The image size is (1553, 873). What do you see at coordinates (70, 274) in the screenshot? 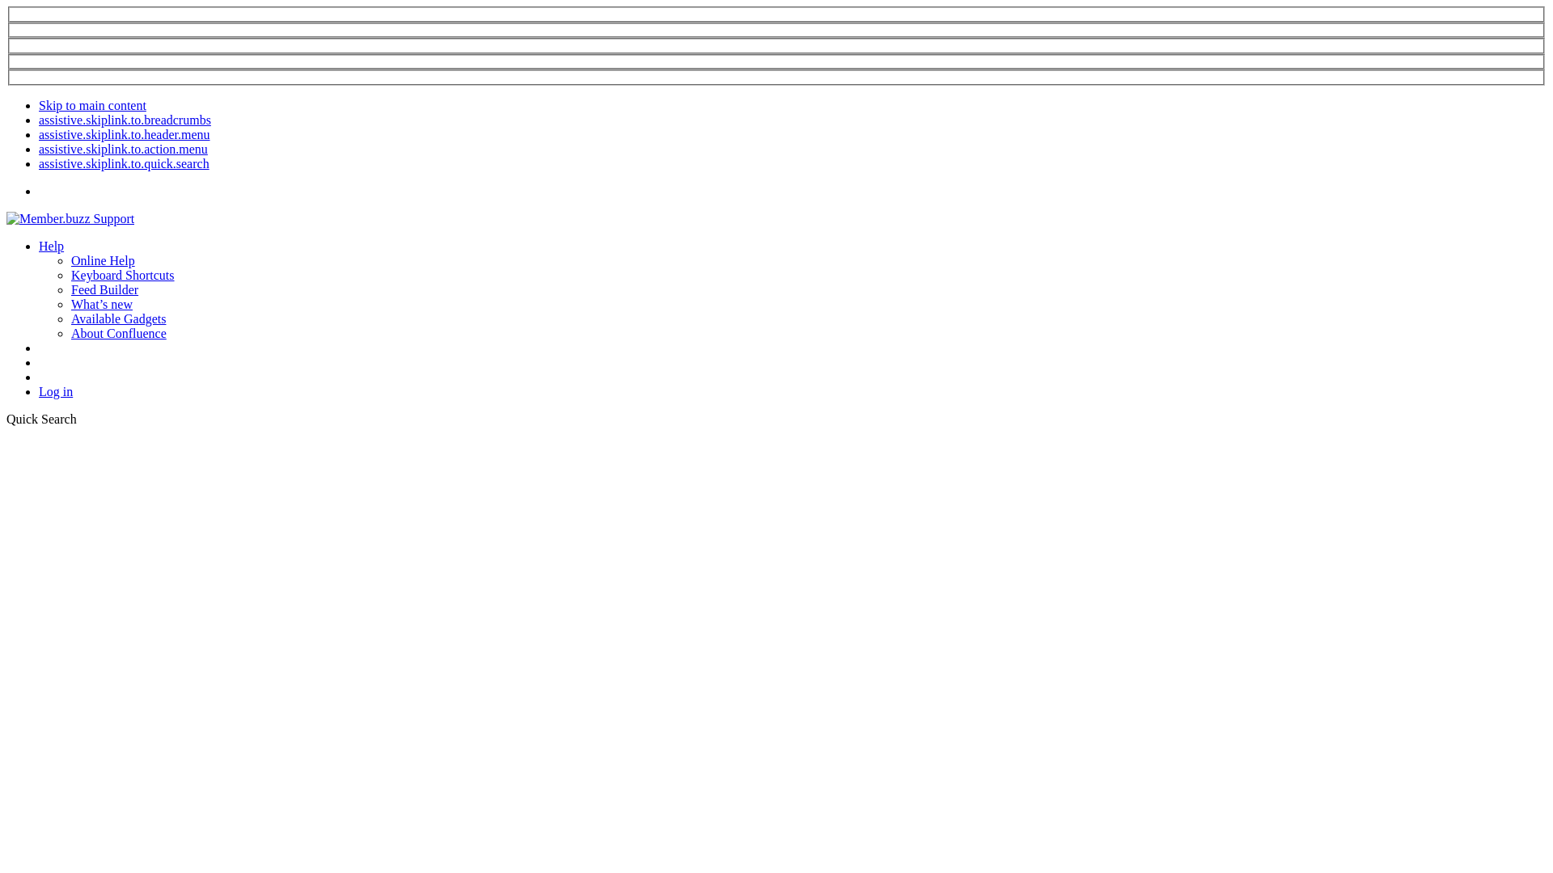
I see `'Keyboard Shortcuts'` at bounding box center [70, 274].